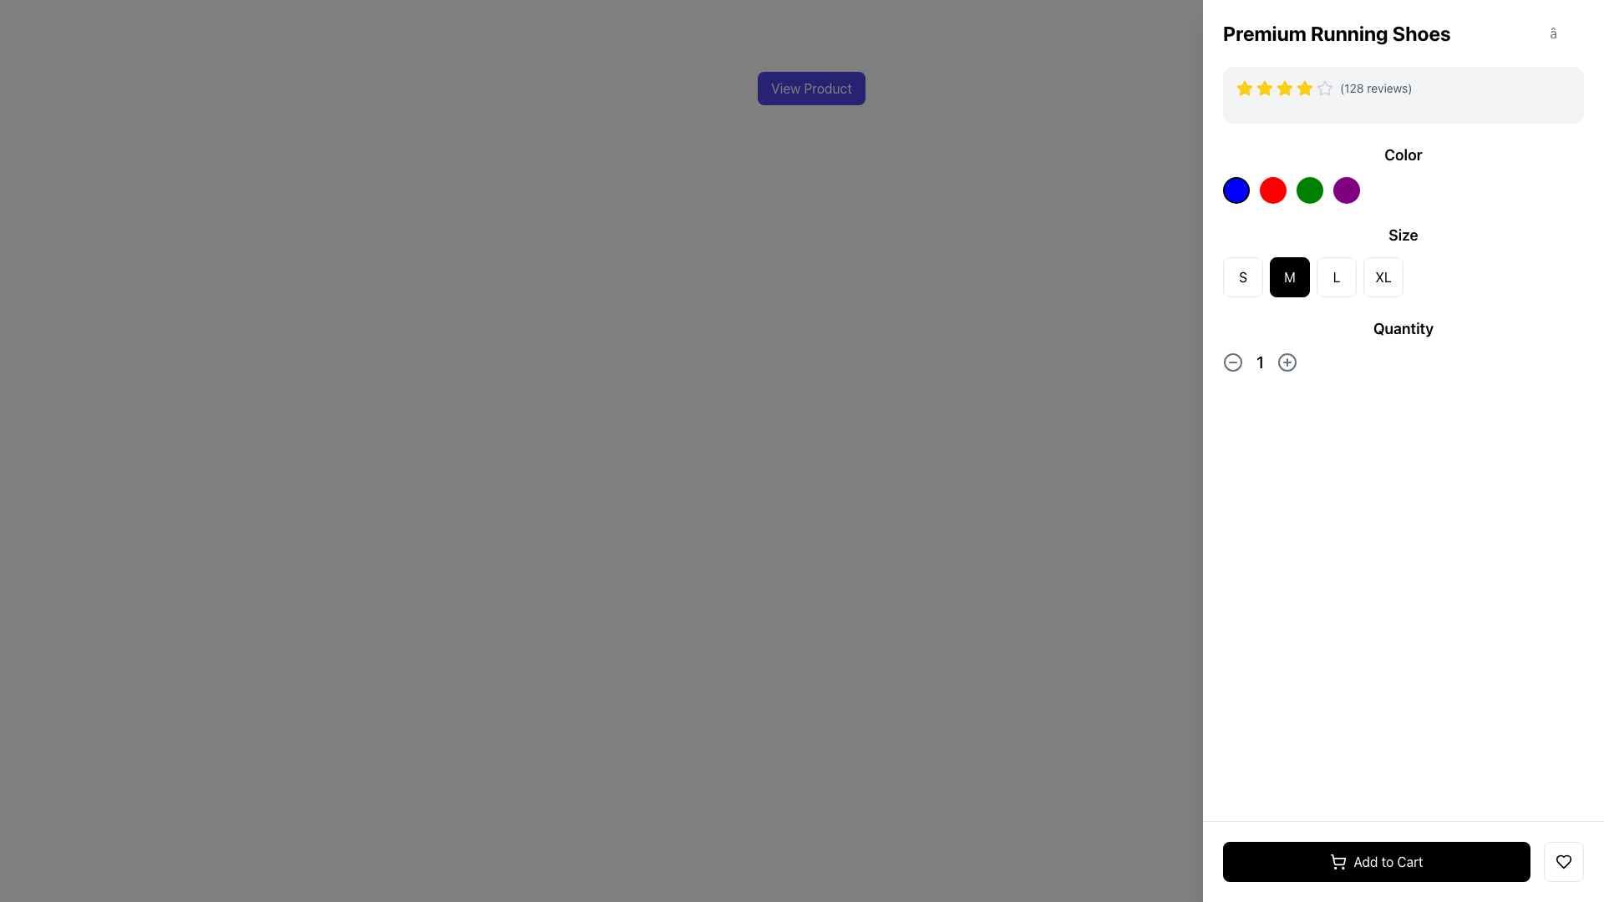 Image resolution: width=1604 pixels, height=902 pixels. What do you see at coordinates (1309, 189) in the screenshot?
I see `the third circular button in a row of four, which functions as a green color selection marker` at bounding box center [1309, 189].